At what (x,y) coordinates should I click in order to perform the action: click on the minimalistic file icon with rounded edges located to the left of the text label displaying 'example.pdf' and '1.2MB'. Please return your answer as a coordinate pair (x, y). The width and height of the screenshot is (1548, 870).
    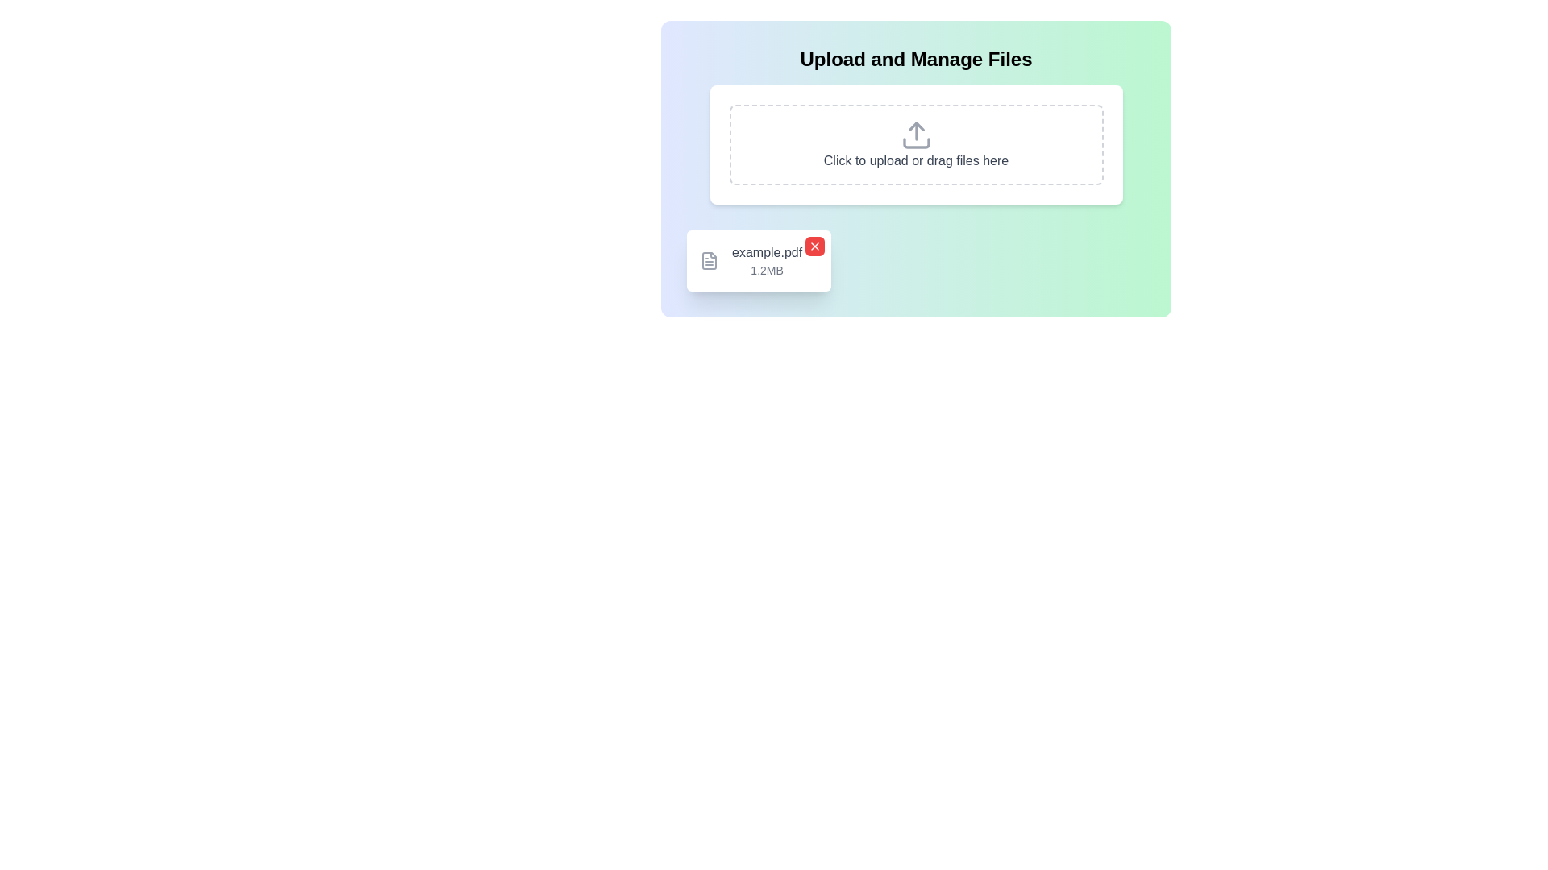
    Looking at the image, I should click on (709, 260).